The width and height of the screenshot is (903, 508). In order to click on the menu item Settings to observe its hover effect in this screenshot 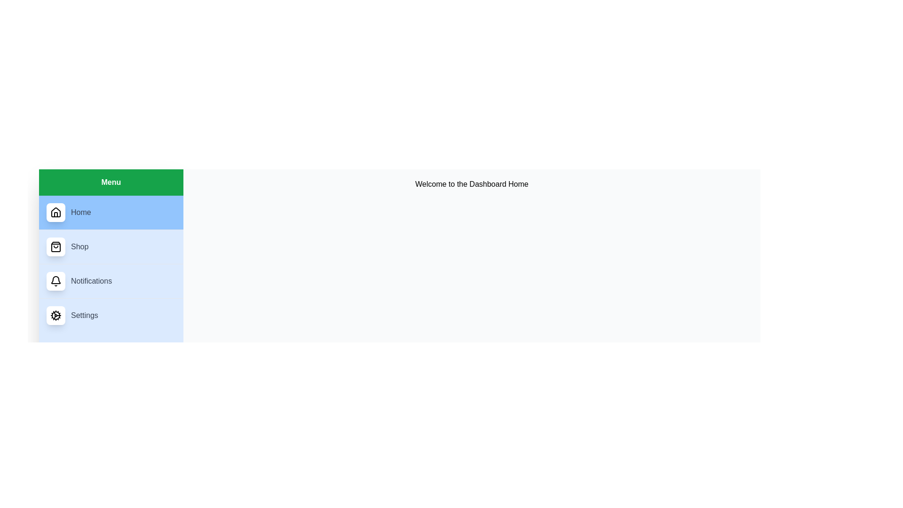, I will do `click(111, 315)`.